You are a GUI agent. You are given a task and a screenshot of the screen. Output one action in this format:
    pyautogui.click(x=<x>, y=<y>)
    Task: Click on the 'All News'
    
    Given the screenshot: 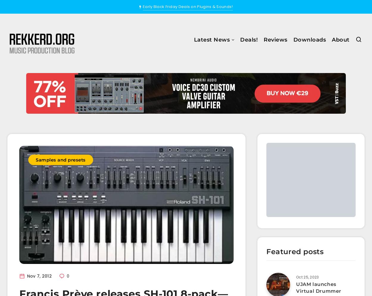 What is the action you would take?
    pyautogui.click(x=176, y=57)
    